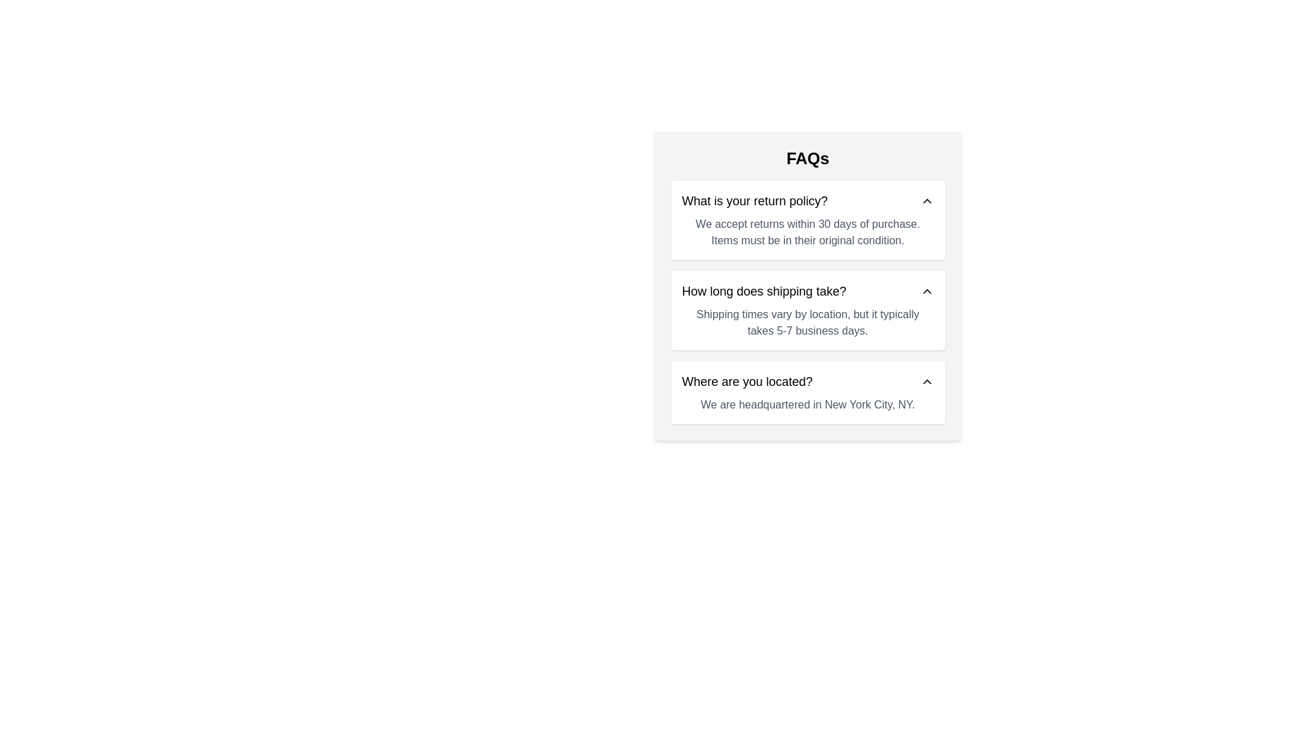 Image resolution: width=1314 pixels, height=739 pixels. What do you see at coordinates (927, 382) in the screenshot?
I see `the upward-pointing chevron icon located at the far-right side of the FAQ section titled 'Where are you located?'` at bounding box center [927, 382].